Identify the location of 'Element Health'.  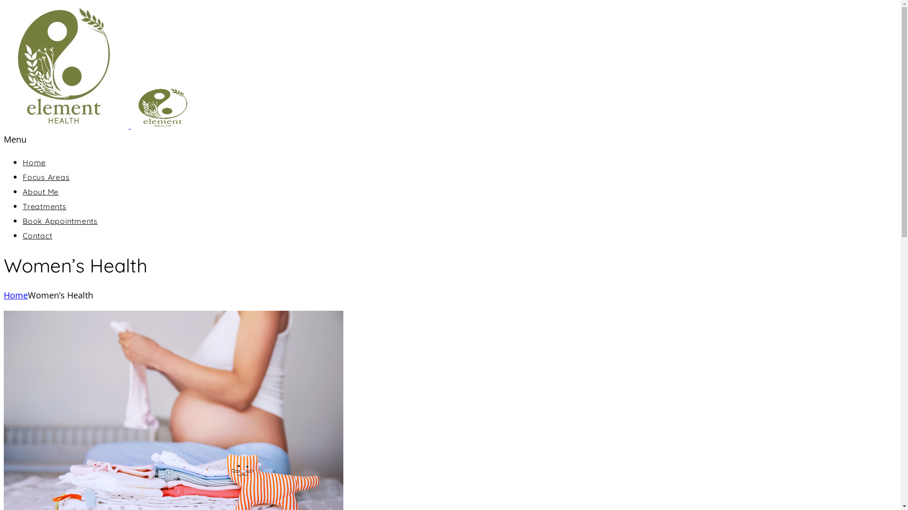
(65, 65).